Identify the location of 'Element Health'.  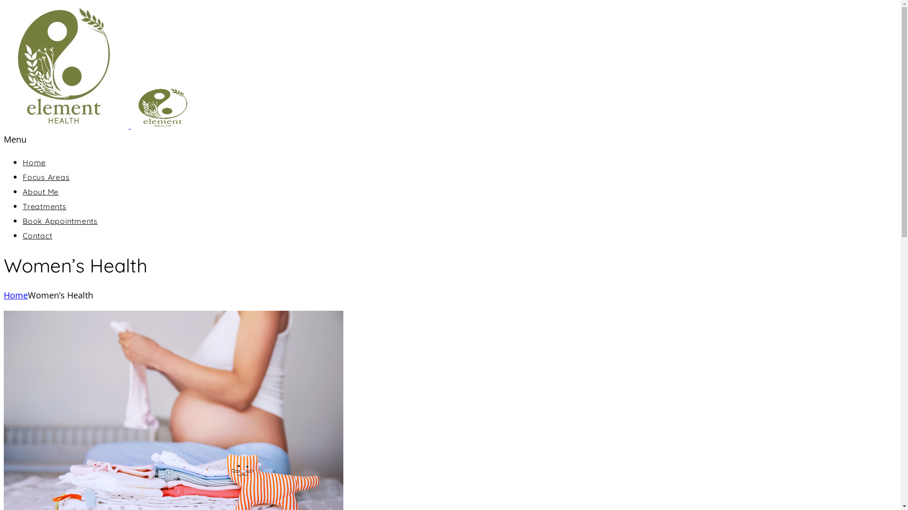
(65, 65).